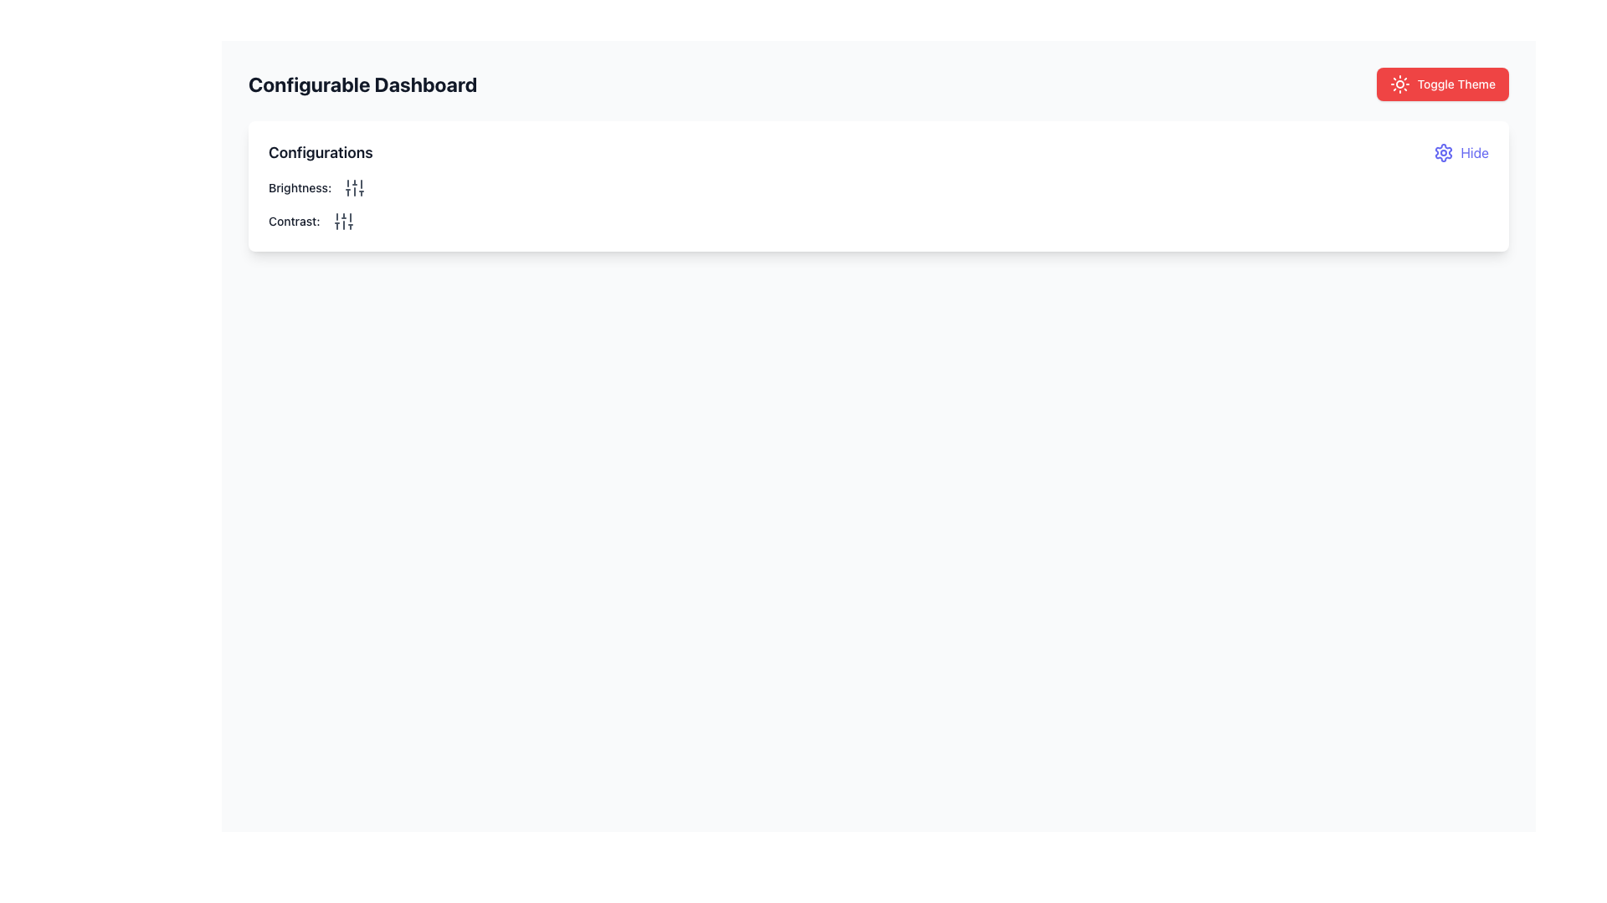 This screenshot has height=903, width=1607. What do you see at coordinates (300, 187) in the screenshot?
I see `the Text Label in the 'Configurations' section that indicates the purpose of the brightness adjustment controls` at bounding box center [300, 187].